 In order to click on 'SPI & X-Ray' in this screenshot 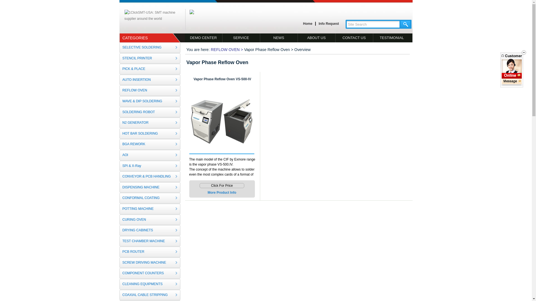, I will do `click(119, 166)`.